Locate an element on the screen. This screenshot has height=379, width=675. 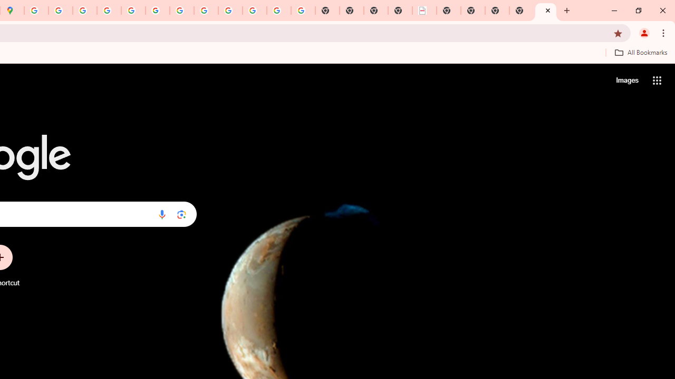
'LAAD Defence & Security 2025 | BAE Systems' is located at coordinates (425, 11).